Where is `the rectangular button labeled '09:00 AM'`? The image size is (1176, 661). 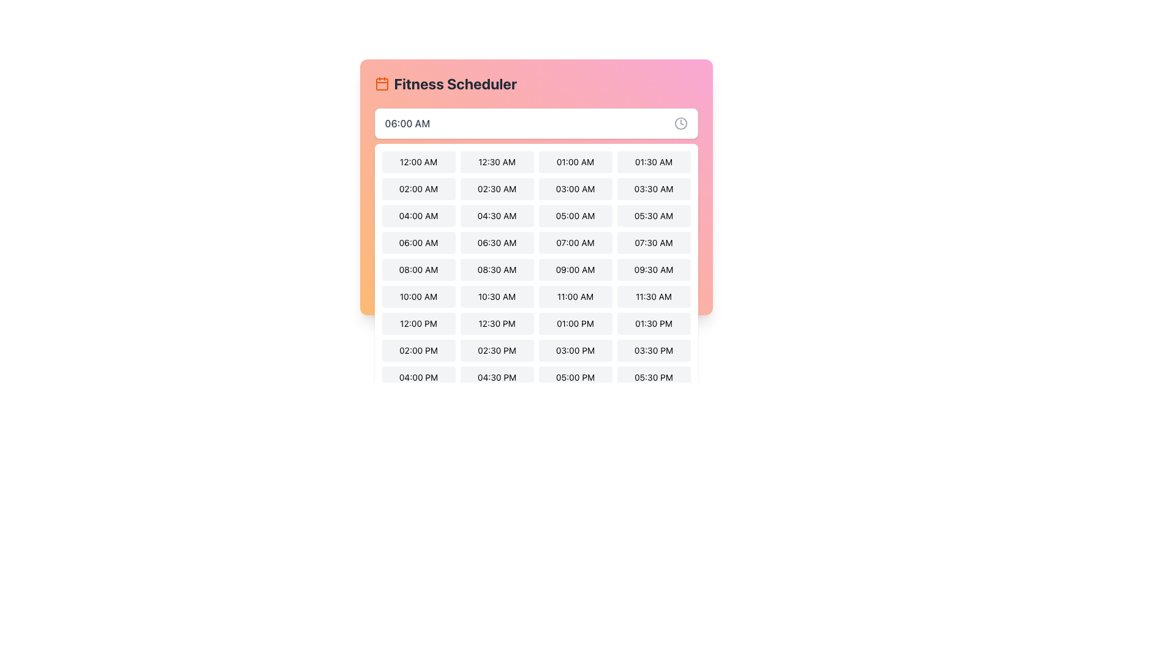 the rectangular button labeled '09:00 AM' is located at coordinates (575, 269).